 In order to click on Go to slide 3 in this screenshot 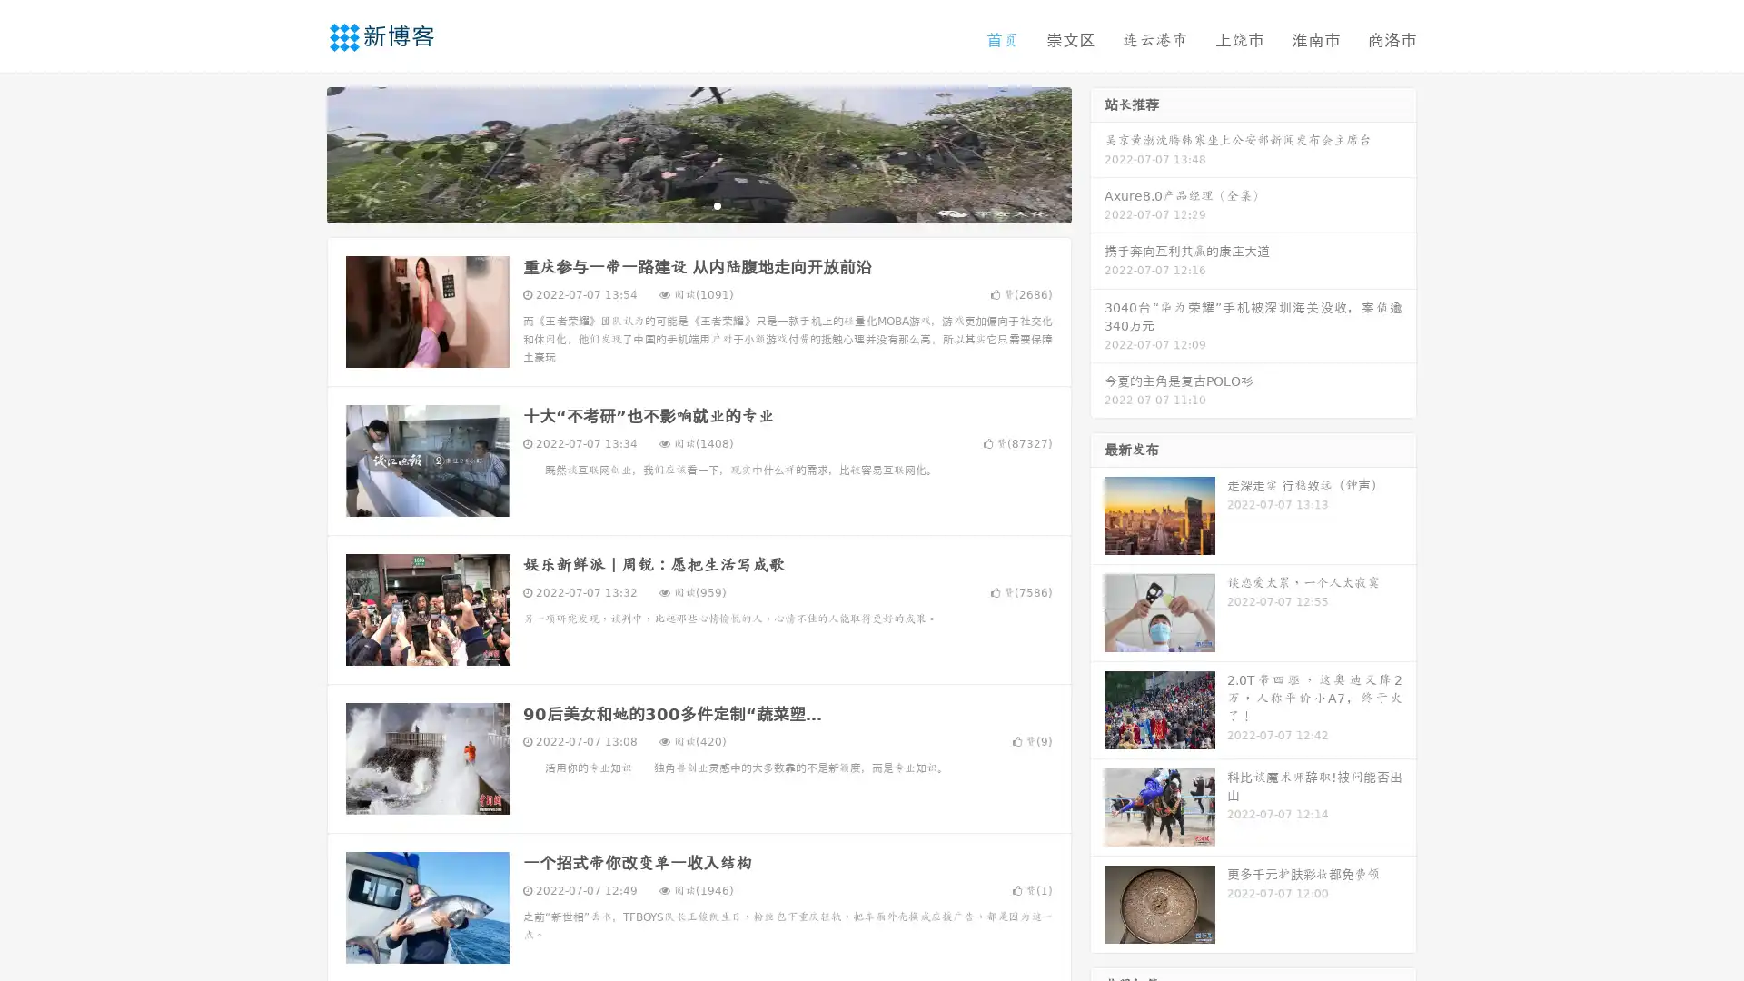, I will do `click(717, 204)`.